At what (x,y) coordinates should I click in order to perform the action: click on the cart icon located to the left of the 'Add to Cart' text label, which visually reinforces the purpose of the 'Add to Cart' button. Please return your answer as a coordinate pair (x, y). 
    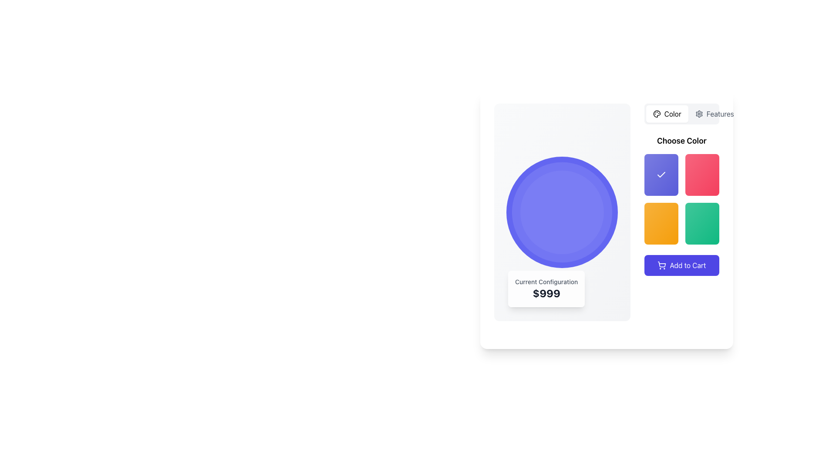
    Looking at the image, I should click on (662, 265).